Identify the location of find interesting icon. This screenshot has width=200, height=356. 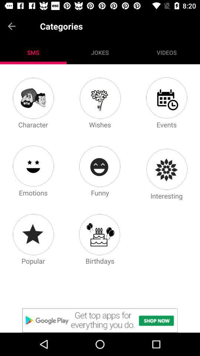
(166, 169).